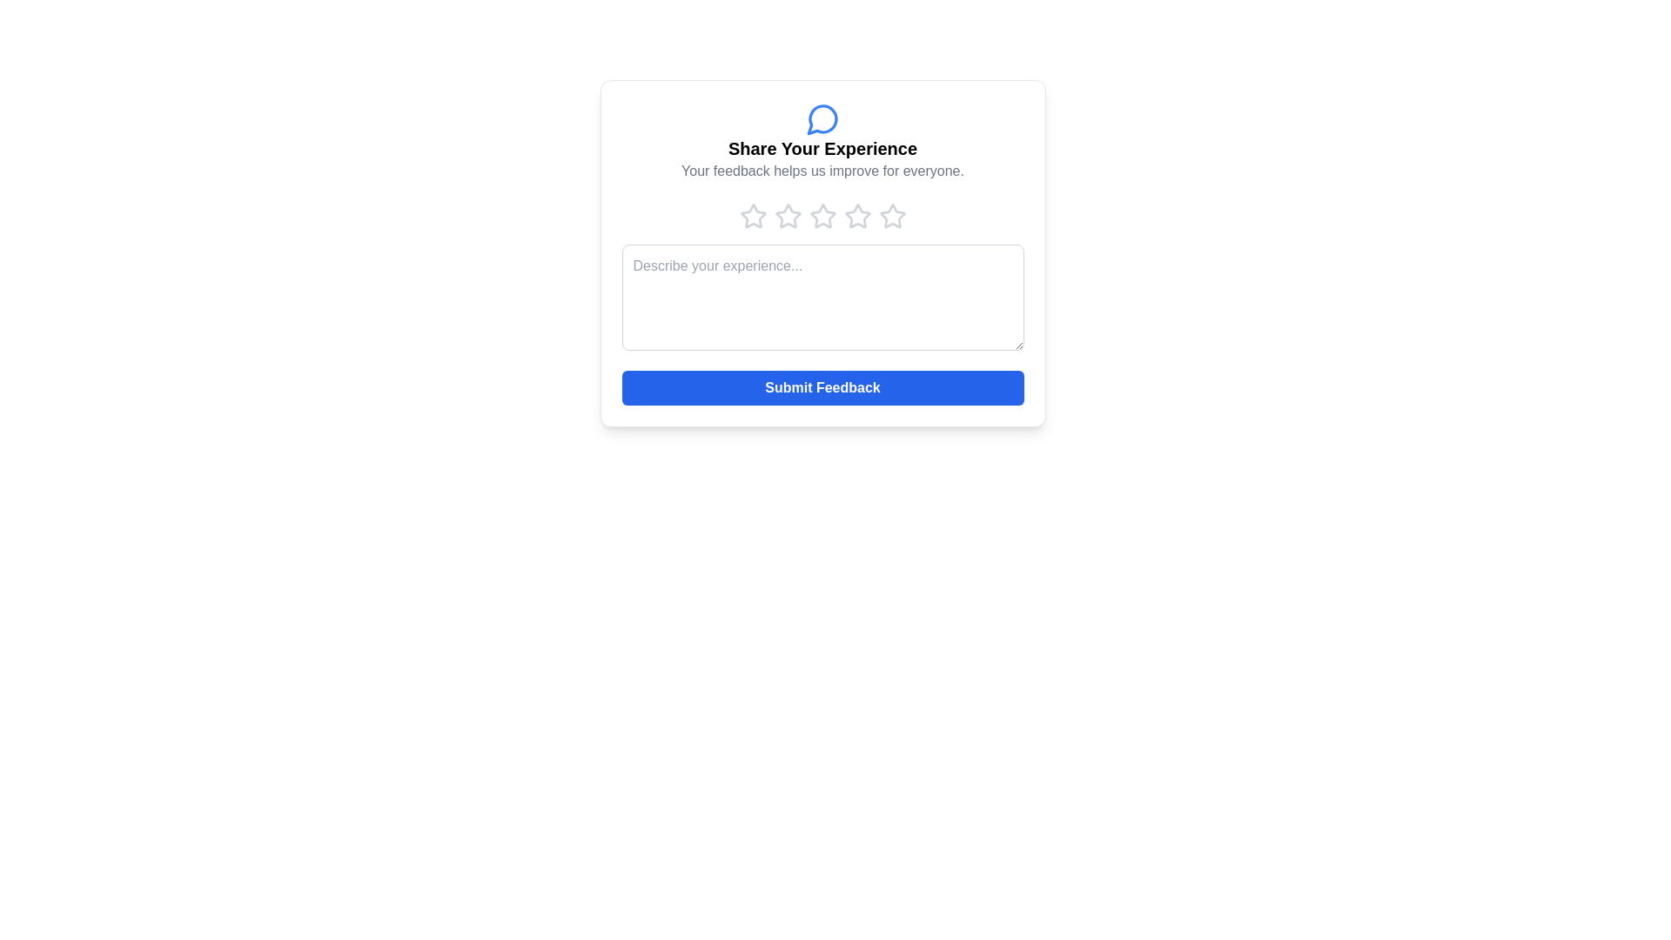  Describe the element at coordinates (857, 216) in the screenshot. I see `the fourth star-shaped rating icon in the horizontal rating control at the top of the feedback form` at that location.